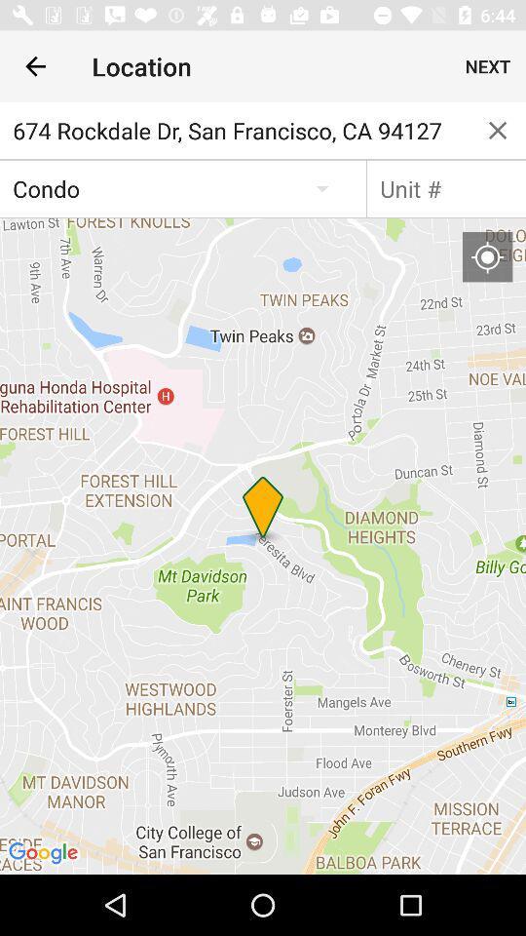 This screenshot has width=526, height=936. I want to click on or exit page, so click(498, 129).